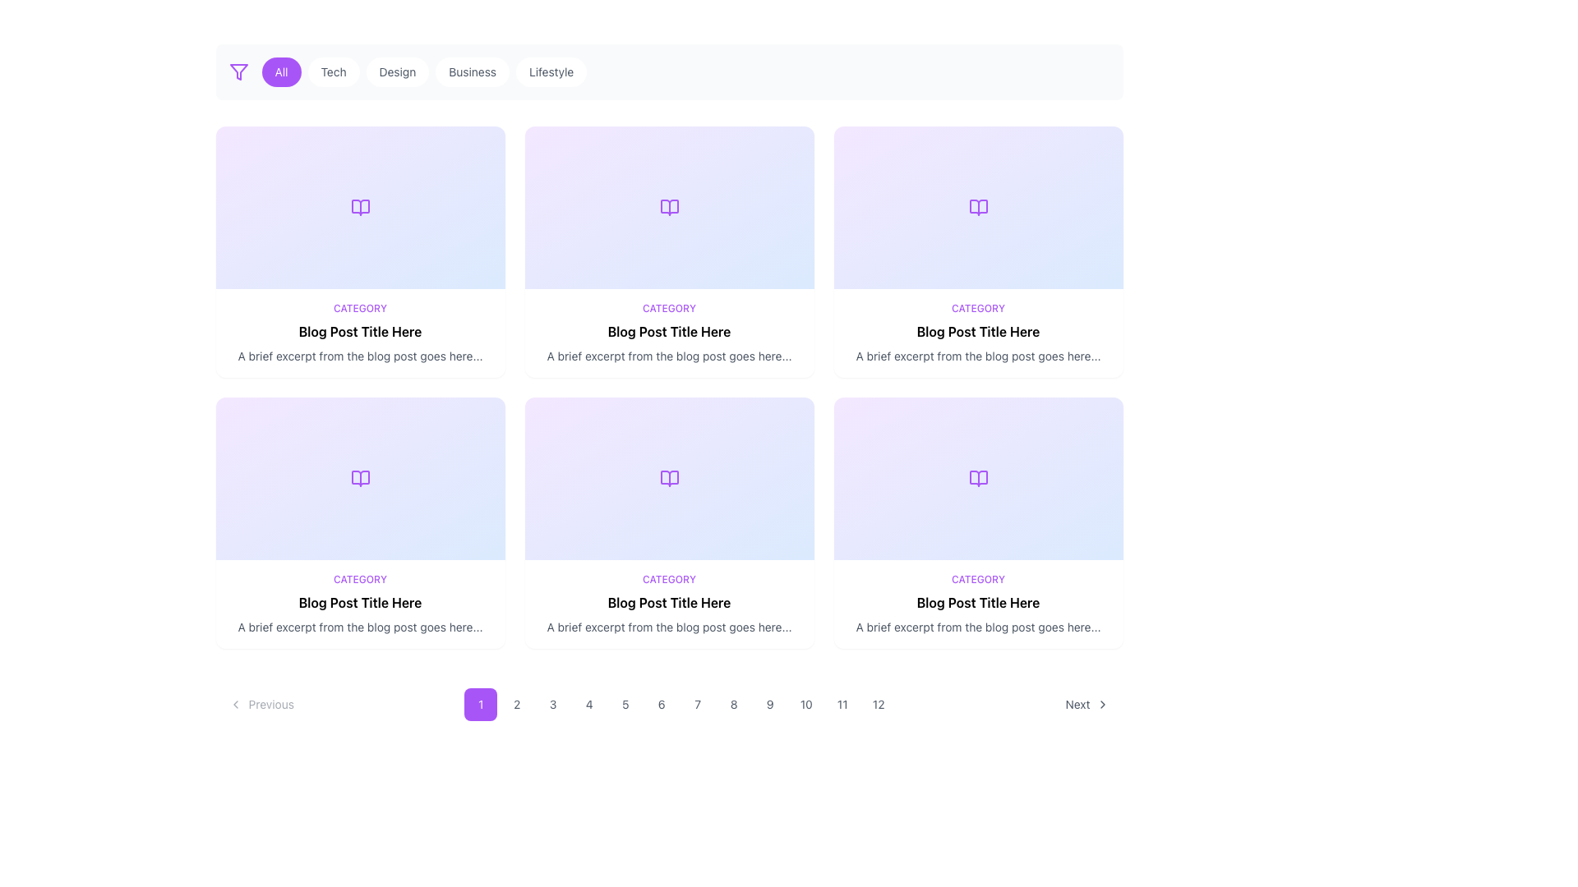  I want to click on the text block that describes the blog post, which includes its category, title, and excerpt, located in the top-left card of the grid layout below the associated image area, so click(359, 333).